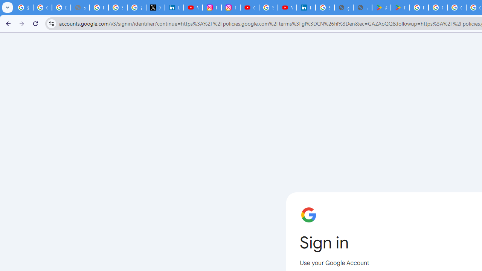 The image size is (482, 271). What do you see at coordinates (155, 8) in the screenshot?
I see `'X'` at bounding box center [155, 8].